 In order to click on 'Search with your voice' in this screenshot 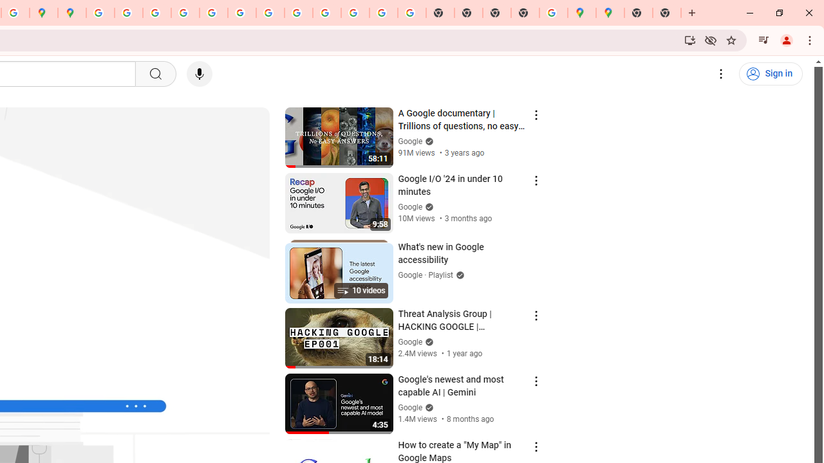, I will do `click(198, 74)`.